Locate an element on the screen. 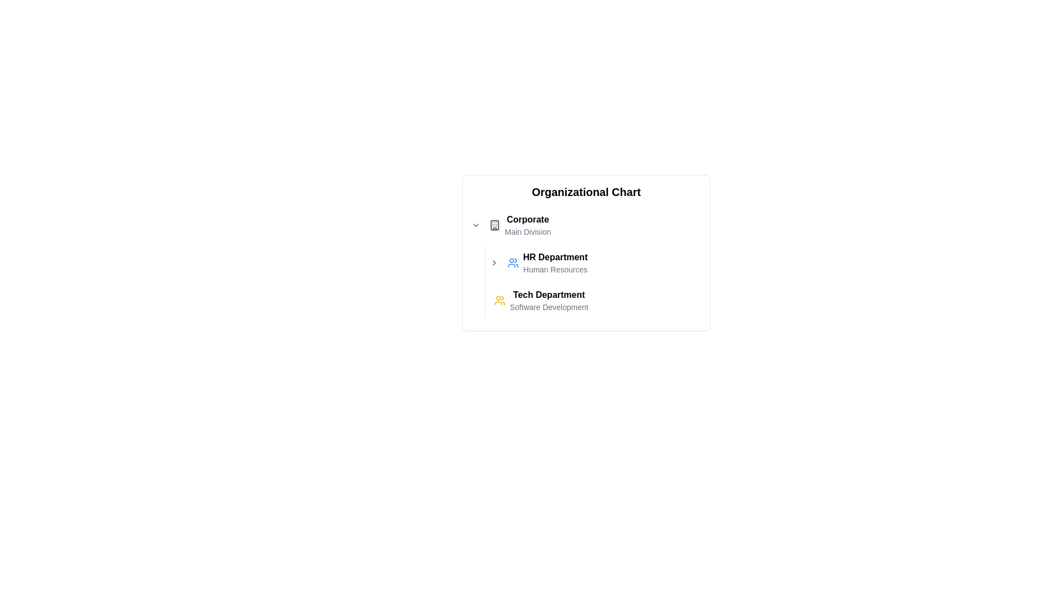 The width and height of the screenshot is (1064, 598). the icon representing a building in the Corporate section of the organizational chart, which visually symbolizes the main structure of the building is located at coordinates (494, 225).